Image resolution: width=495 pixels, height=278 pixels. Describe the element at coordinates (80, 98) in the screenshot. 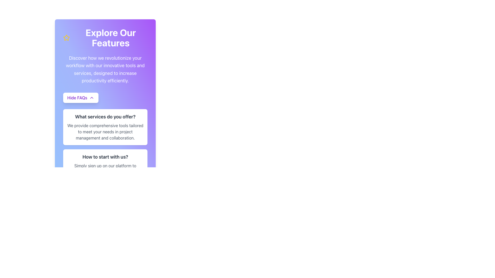

I see `the 'Hide FAQs' button, which is a rectangular button with purple text and an upward-facing arrow icon, located below the 'Explore Our Features' text segment` at that location.